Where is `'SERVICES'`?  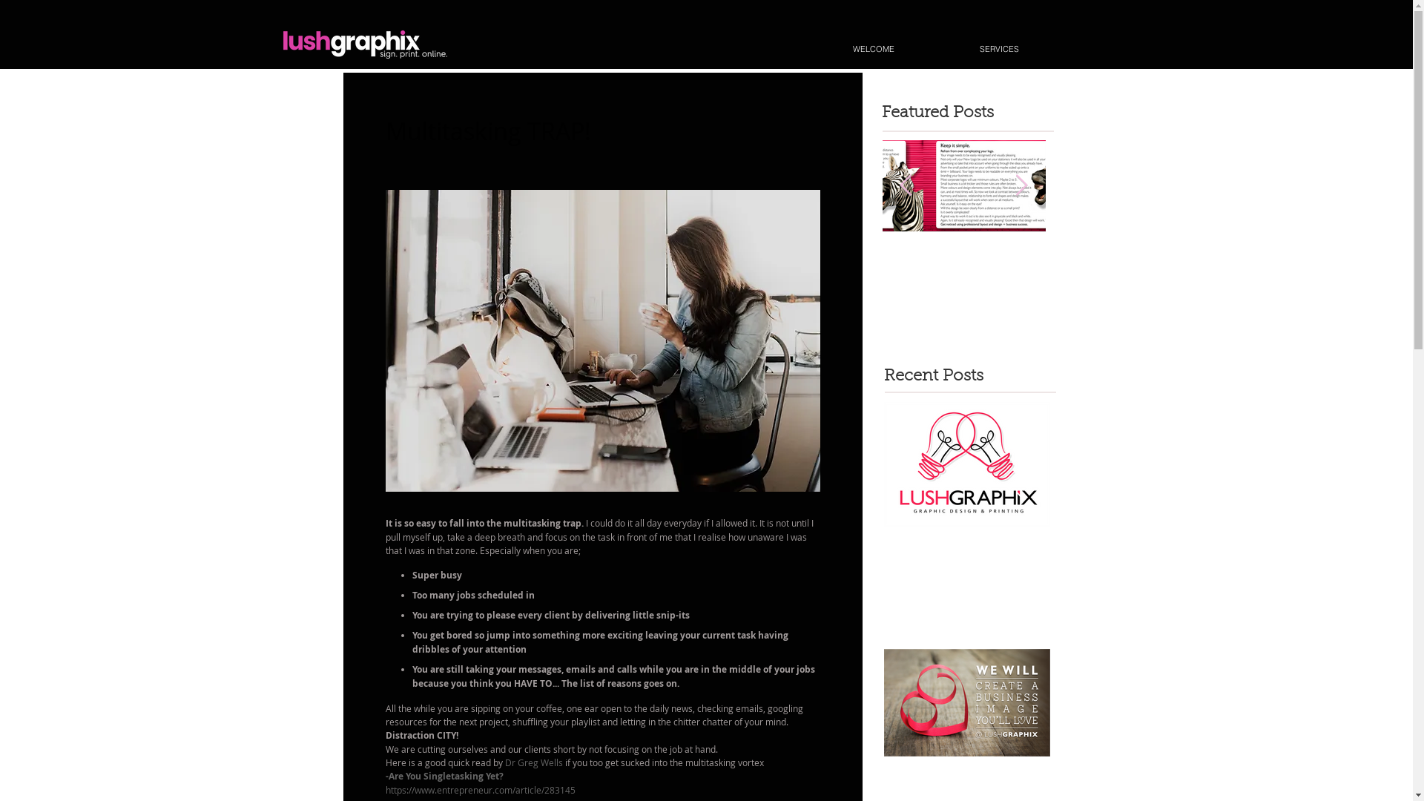 'SERVICES' is located at coordinates (998, 47).